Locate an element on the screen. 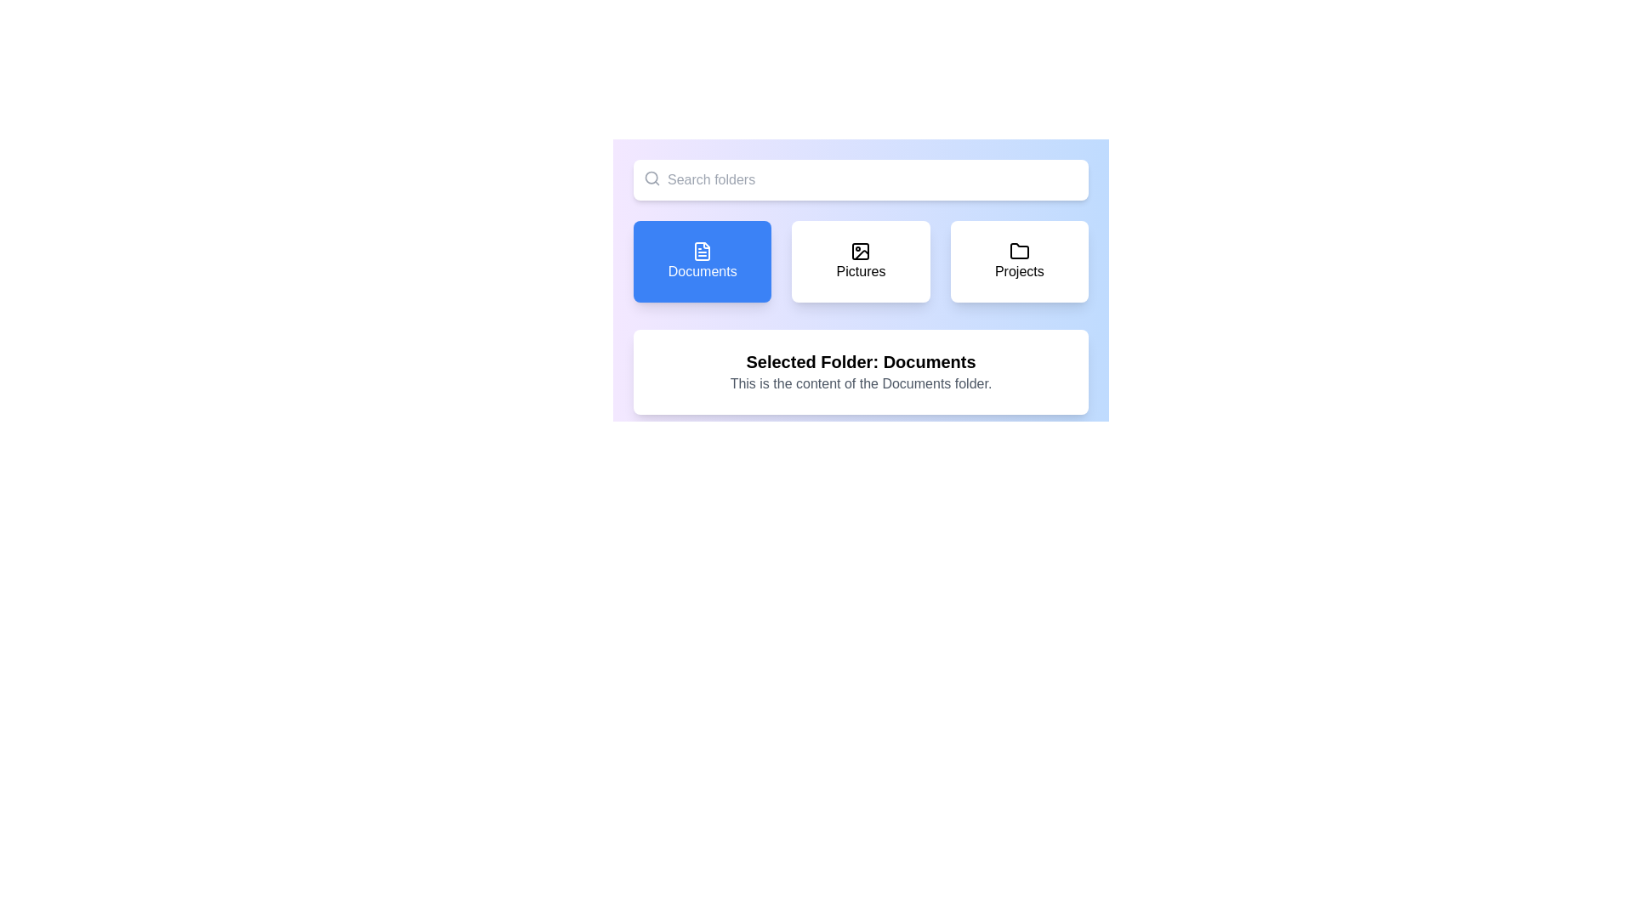 The image size is (1633, 918). the blue button labeled 'Documents' that contains a small document file icon with a folded top-right corner is located at coordinates (703, 252).